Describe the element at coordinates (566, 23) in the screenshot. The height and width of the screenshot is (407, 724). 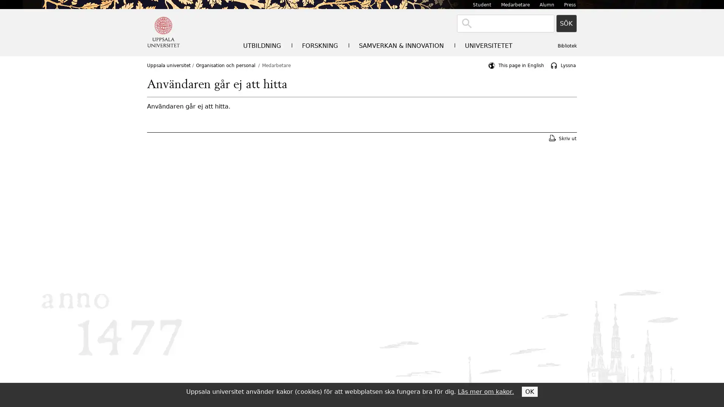
I see `Sok` at that location.